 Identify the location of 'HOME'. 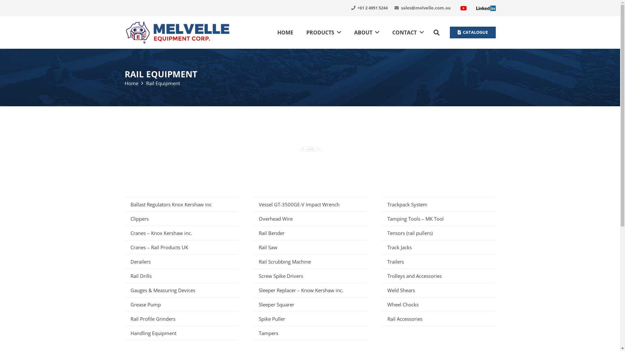
(271, 32).